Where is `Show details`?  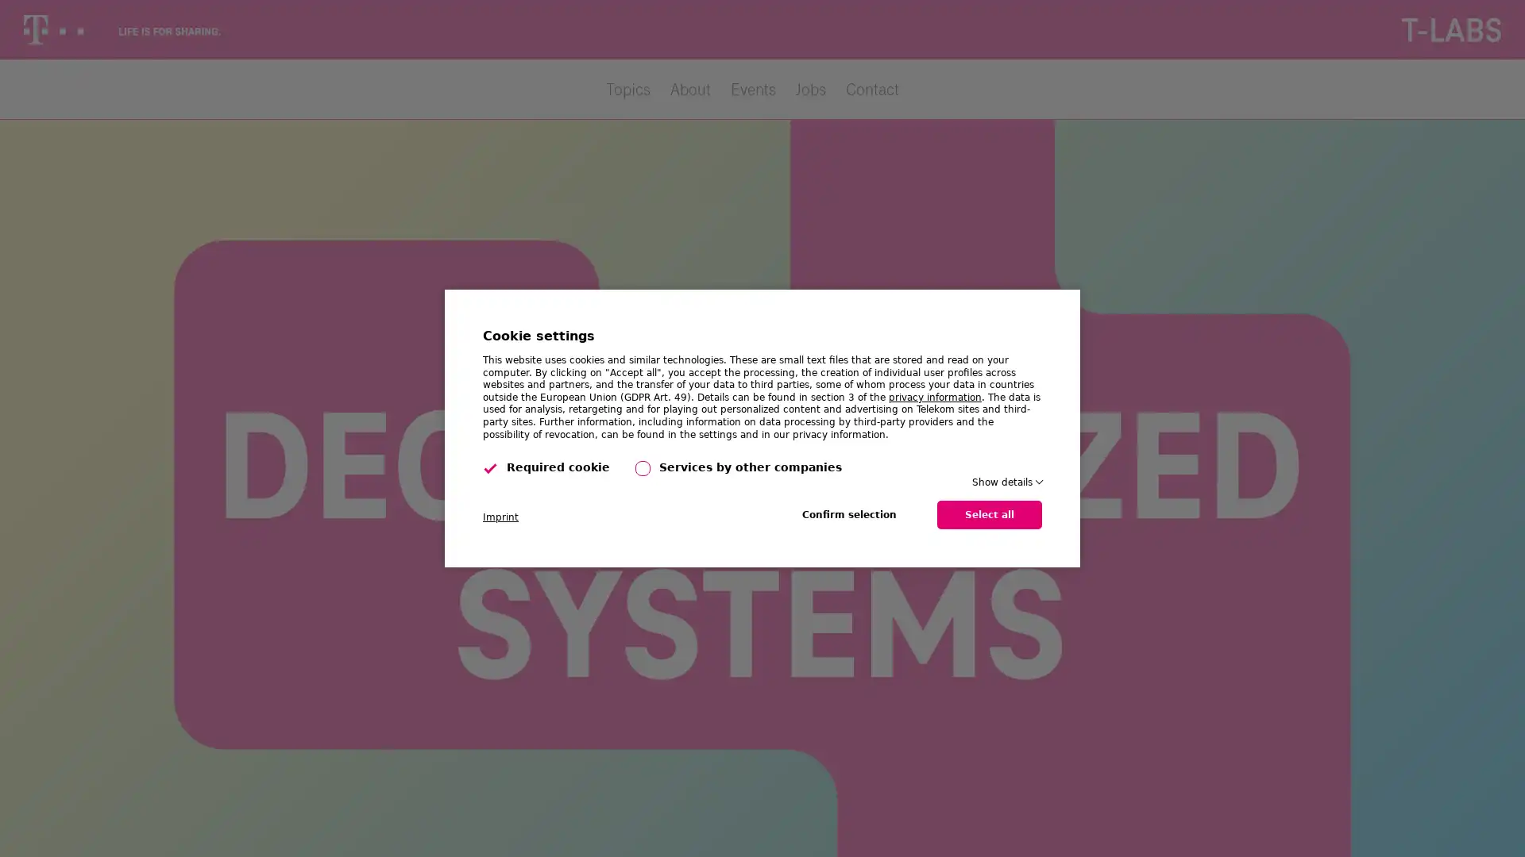 Show details is located at coordinates (1006, 482).